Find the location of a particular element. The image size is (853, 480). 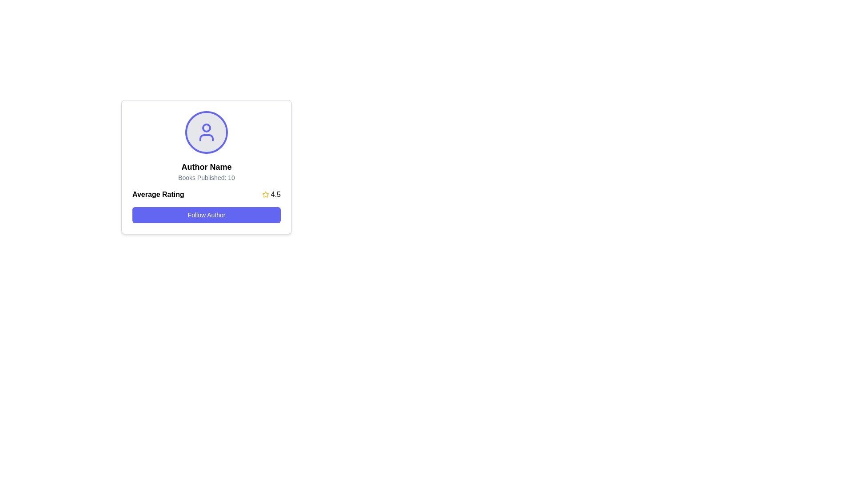

the text element displaying the value '4.5', which is styled in black and positioned adjacent to a yellow star icon, indicating a numerical rating is located at coordinates (275, 194).